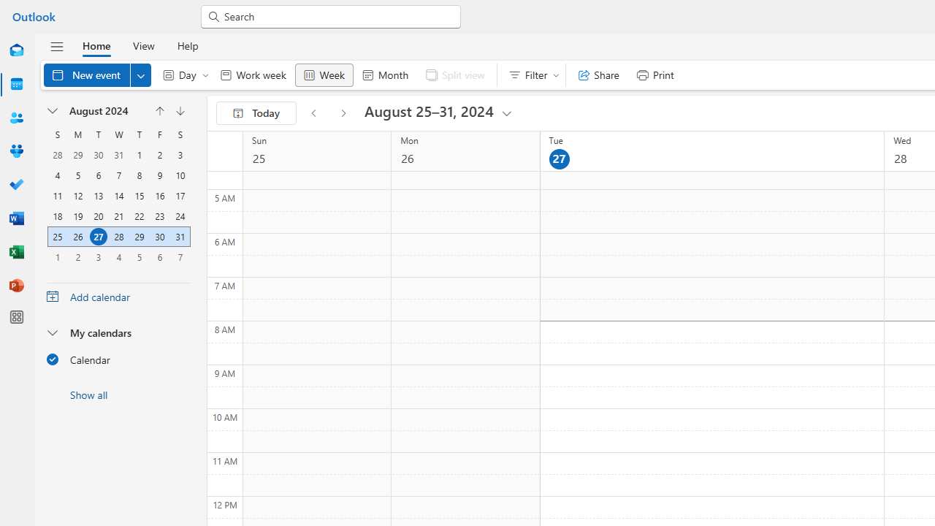 Image resolution: width=935 pixels, height=526 pixels. Describe the element at coordinates (77, 155) in the screenshot. I see `'29, July, 2024'` at that location.